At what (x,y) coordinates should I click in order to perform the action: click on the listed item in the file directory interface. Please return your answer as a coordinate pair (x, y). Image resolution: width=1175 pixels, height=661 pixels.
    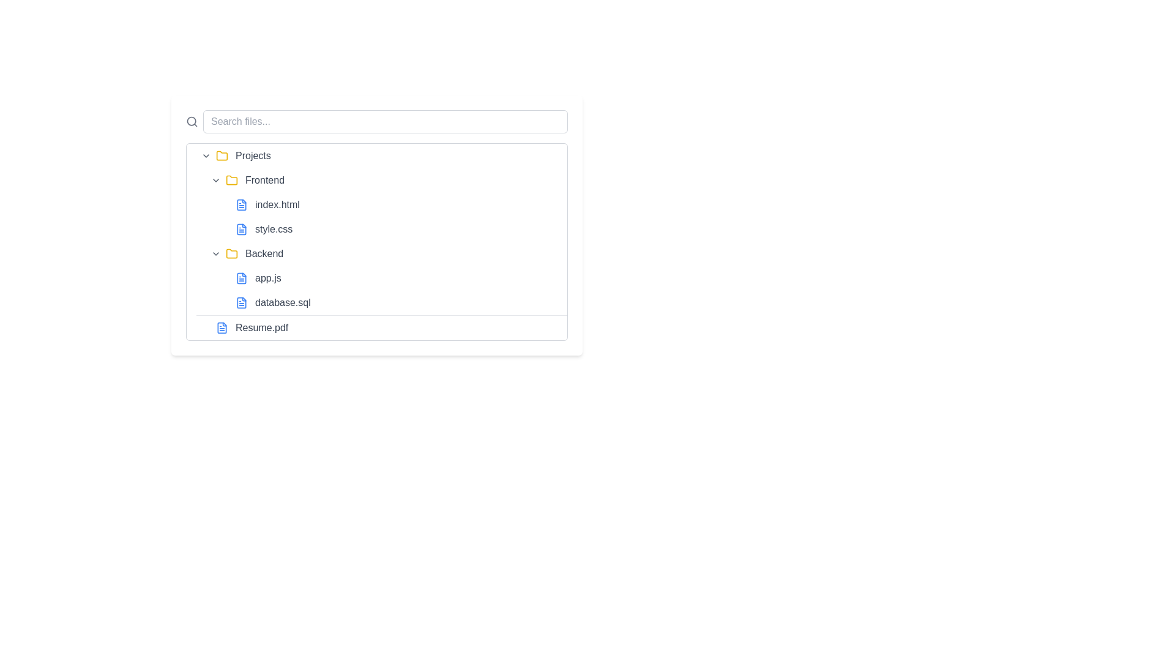
    Looking at the image, I should click on (376, 225).